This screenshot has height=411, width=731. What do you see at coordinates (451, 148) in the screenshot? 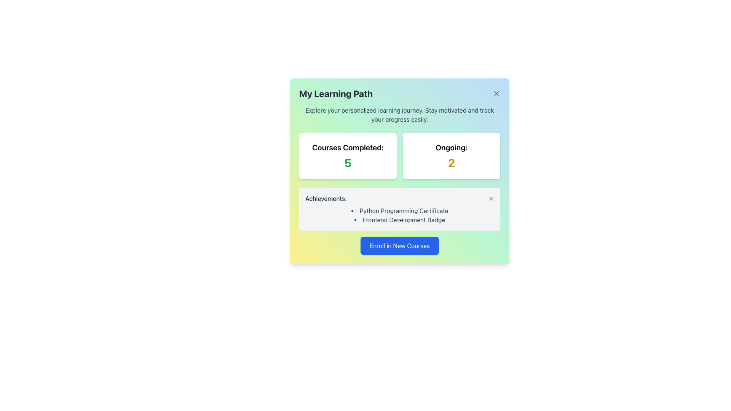
I see `the text label displaying 'Ongoing:' which is prominently styled in bold and large font located in the top-right division of the interface` at bounding box center [451, 148].